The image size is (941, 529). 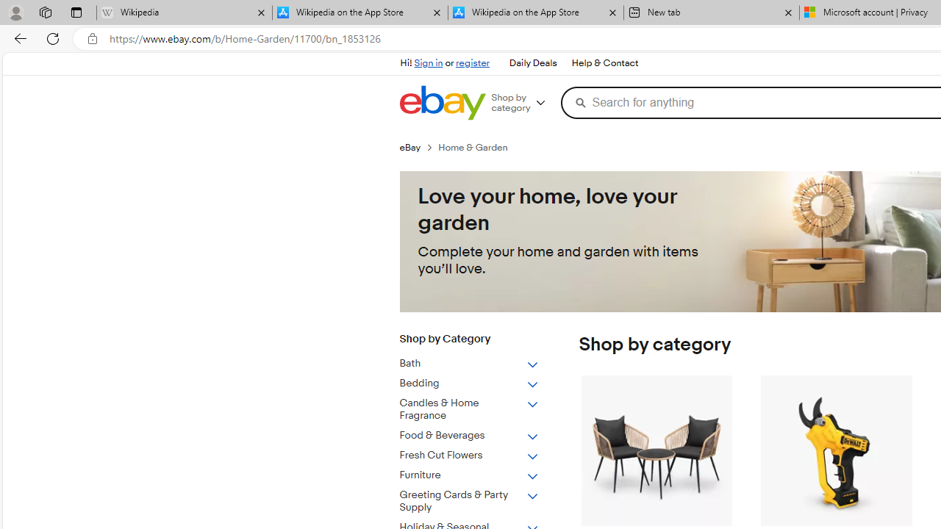 I want to click on 'Candles & Home Fragrance', so click(x=480, y=407).